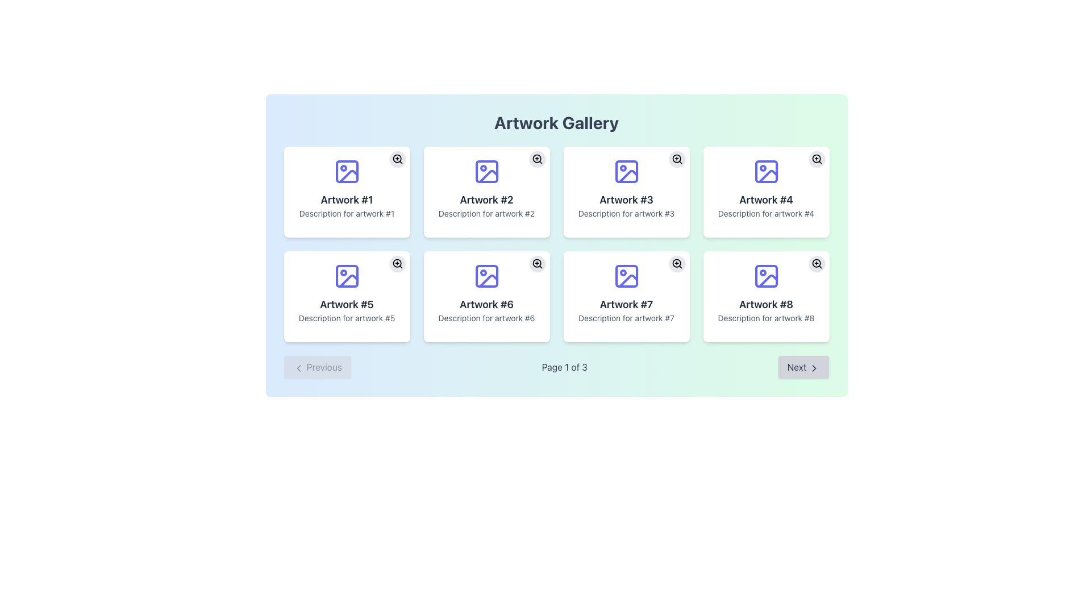  What do you see at coordinates (346, 276) in the screenshot?
I see `background of the image icon representing 'Artwork #5', which features a mountain shape and a circular sun, by opening the developer tools` at bounding box center [346, 276].